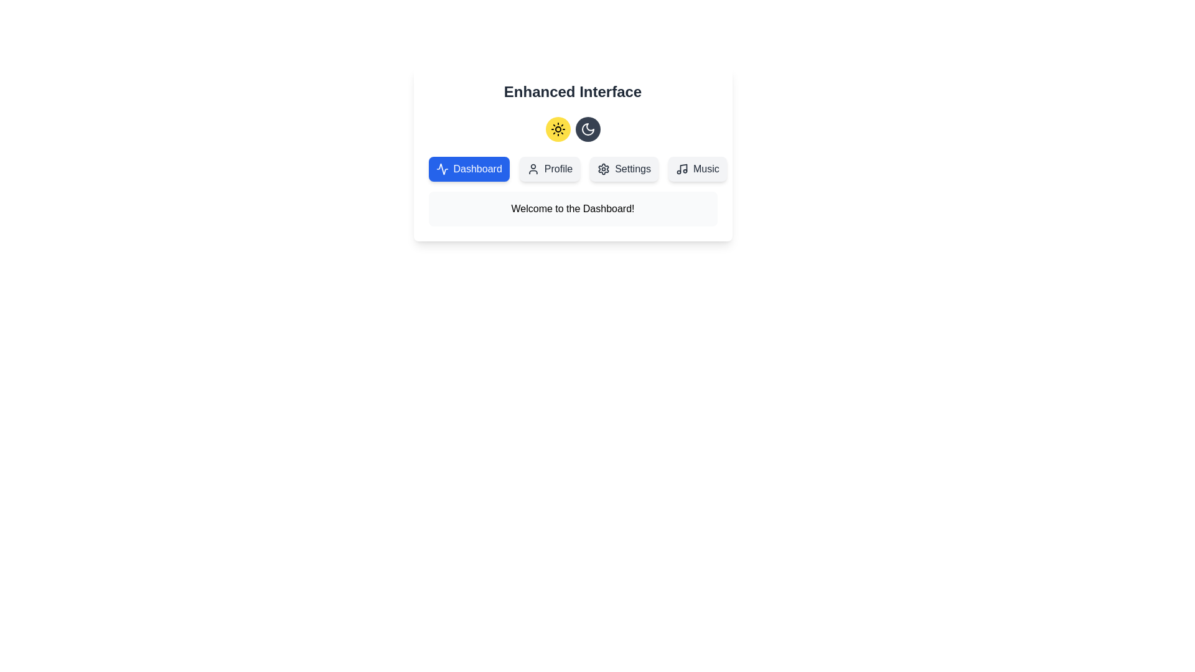  What do you see at coordinates (468, 169) in the screenshot?
I see `the 'Dashboard' navigation button, which features bold white text on a blue background with an activity-like icon on its left` at bounding box center [468, 169].